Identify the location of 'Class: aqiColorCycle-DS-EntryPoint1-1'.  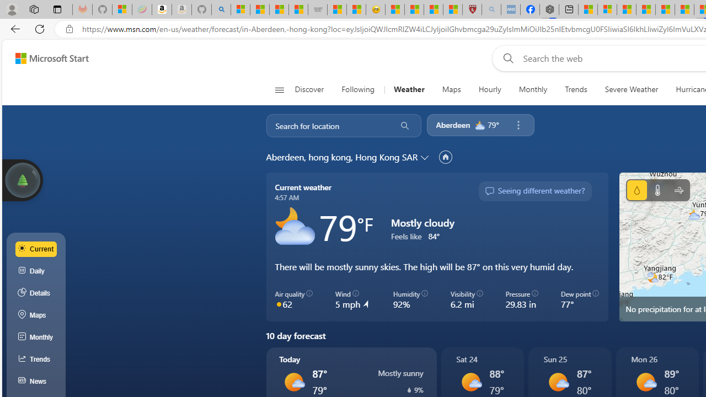
(279, 304).